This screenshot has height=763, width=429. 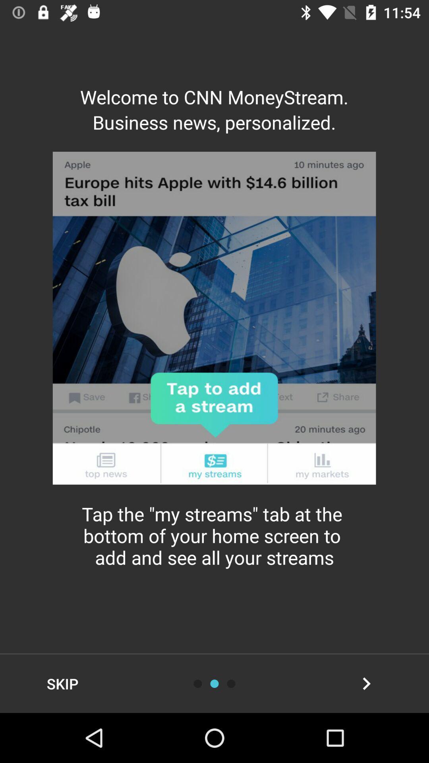 What do you see at coordinates (62, 683) in the screenshot?
I see `skip icon` at bounding box center [62, 683].